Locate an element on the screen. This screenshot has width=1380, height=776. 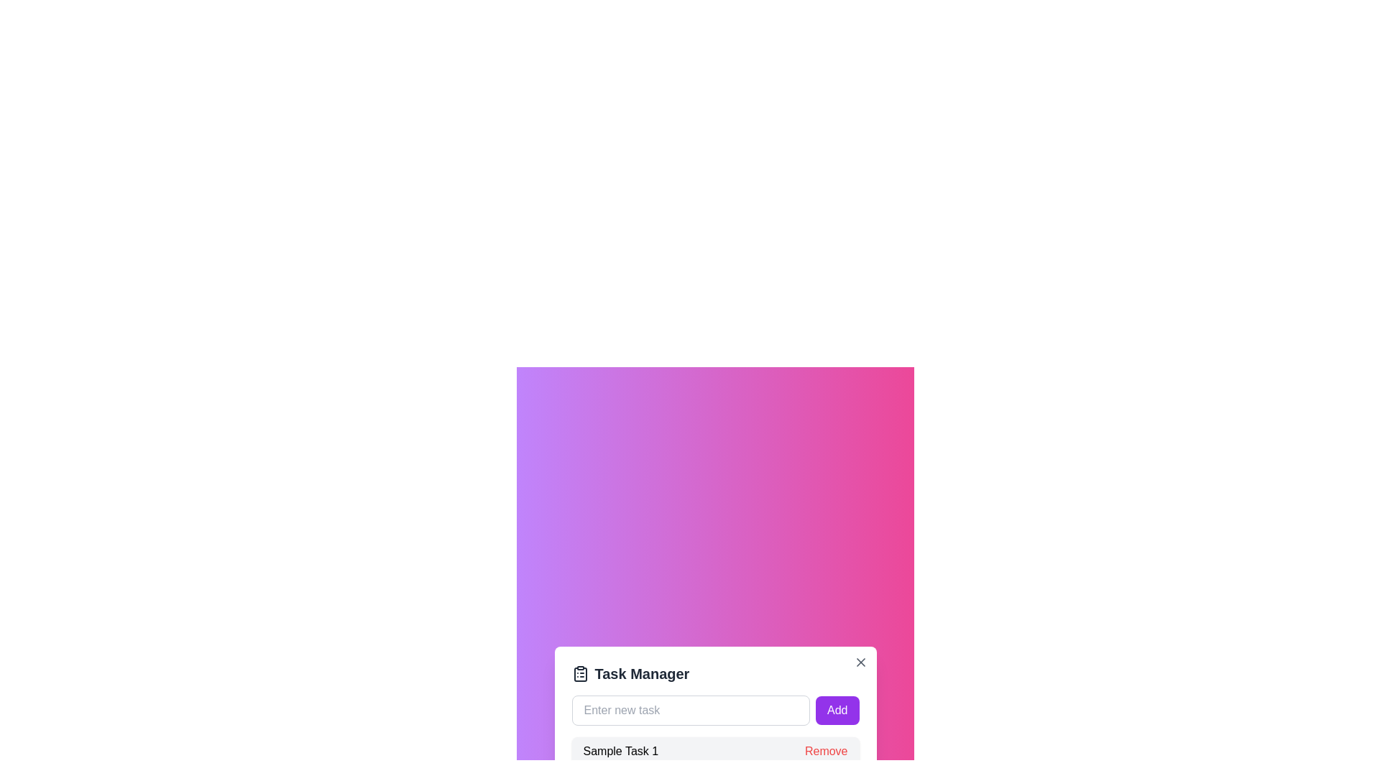
the red 'Remove' button located at the far right of the row adjacent to 'Sample Task 1' is located at coordinates (826, 750).